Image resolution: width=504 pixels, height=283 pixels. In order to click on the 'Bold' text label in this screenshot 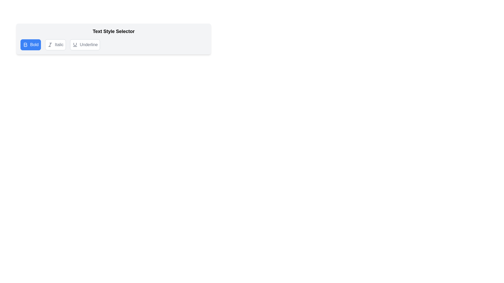, I will do `click(34, 44)`.